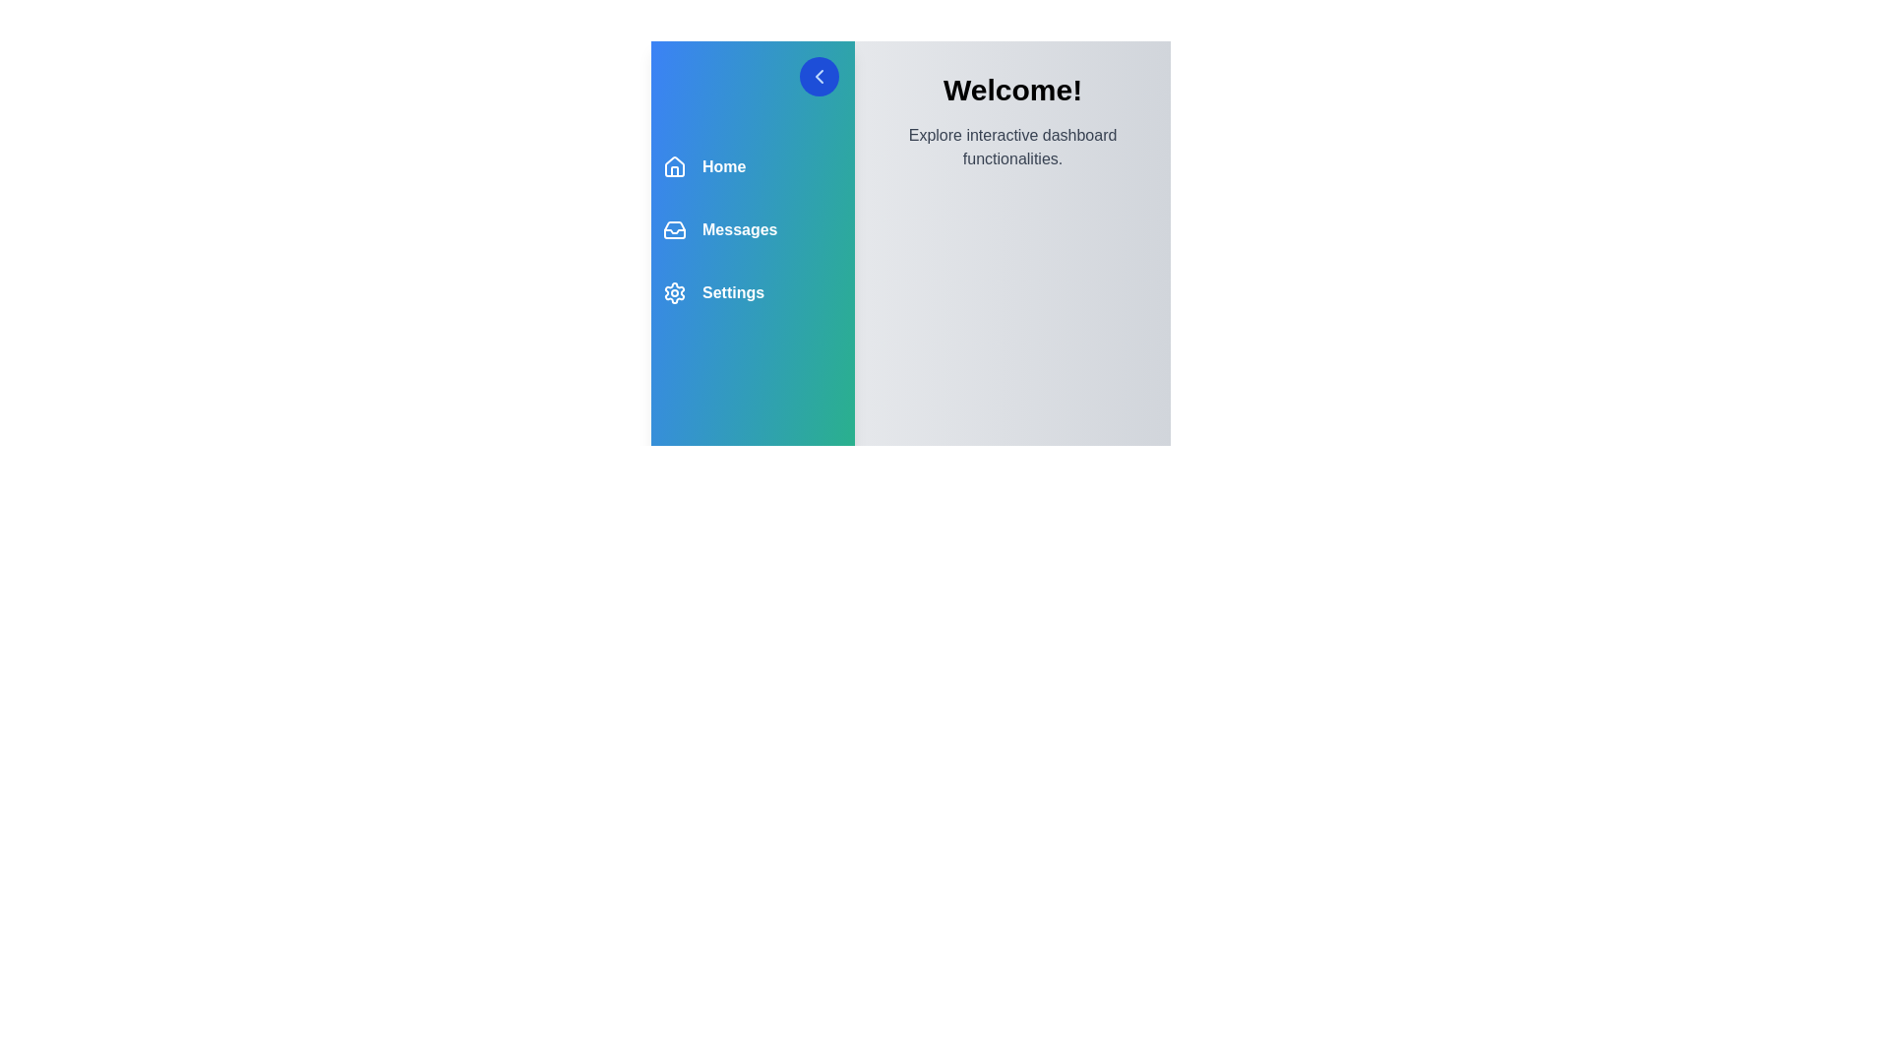  Describe the element at coordinates (675, 229) in the screenshot. I see `the 'Messages' icon located in the sidebar menu, which is the second icon in the vertical sequence next to the 'Messages' label` at that location.